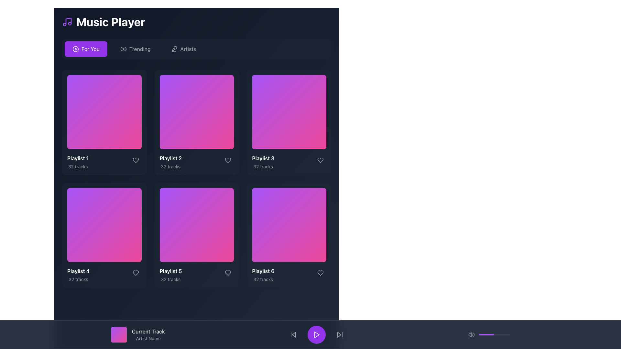 The width and height of the screenshot is (621, 349). Describe the element at coordinates (78, 162) in the screenshot. I see `the non-interactive text label that displays the playlist name and track count, located in the top-left playlist card, below the album art thumbnail and above the heart icon` at that location.